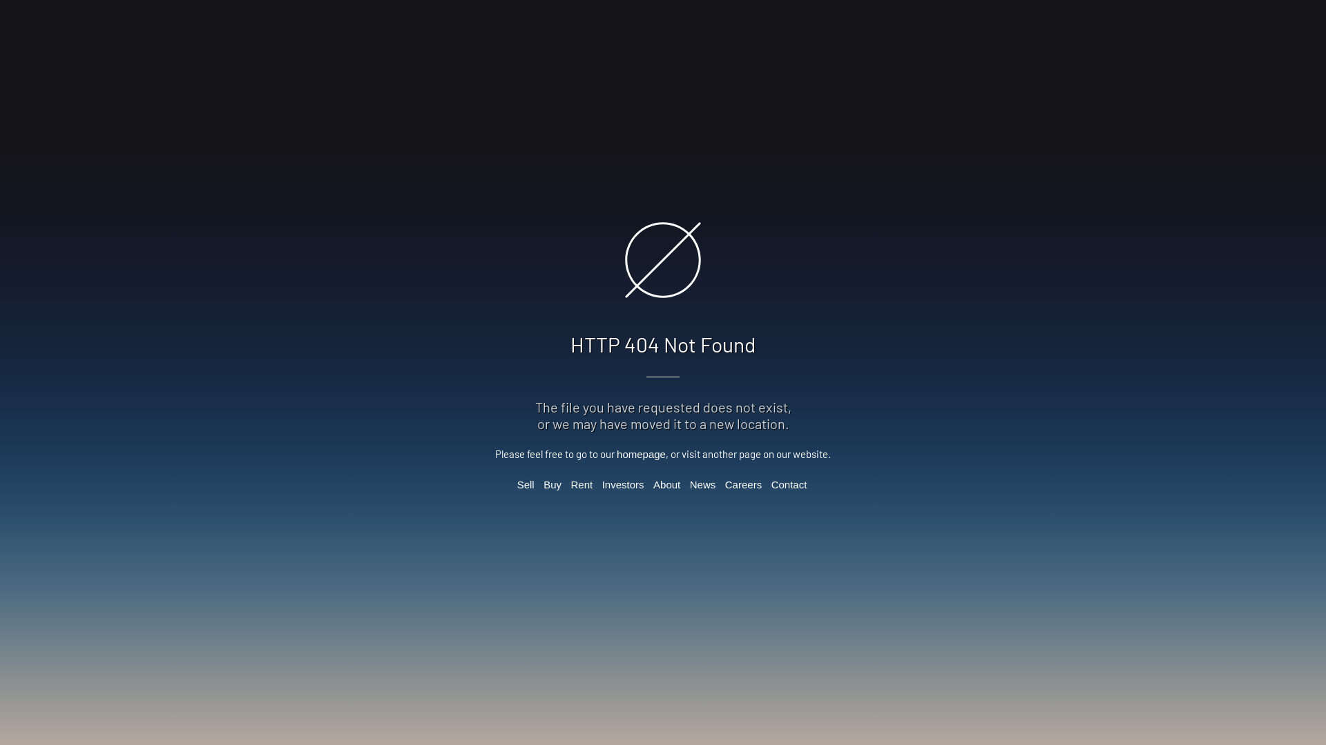 This screenshot has width=1326, height=745. I want to click on 'Buy', so click(552, 484).